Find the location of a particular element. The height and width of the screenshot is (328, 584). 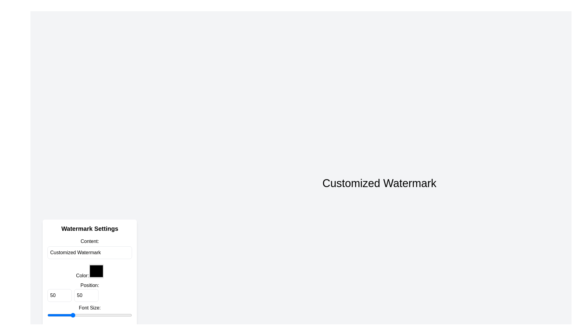

the Color Picker Input in the 'Watermark Settings' section, following the 'Content:' label, and select a color using the keyboard is located at coordinates (89, 270).